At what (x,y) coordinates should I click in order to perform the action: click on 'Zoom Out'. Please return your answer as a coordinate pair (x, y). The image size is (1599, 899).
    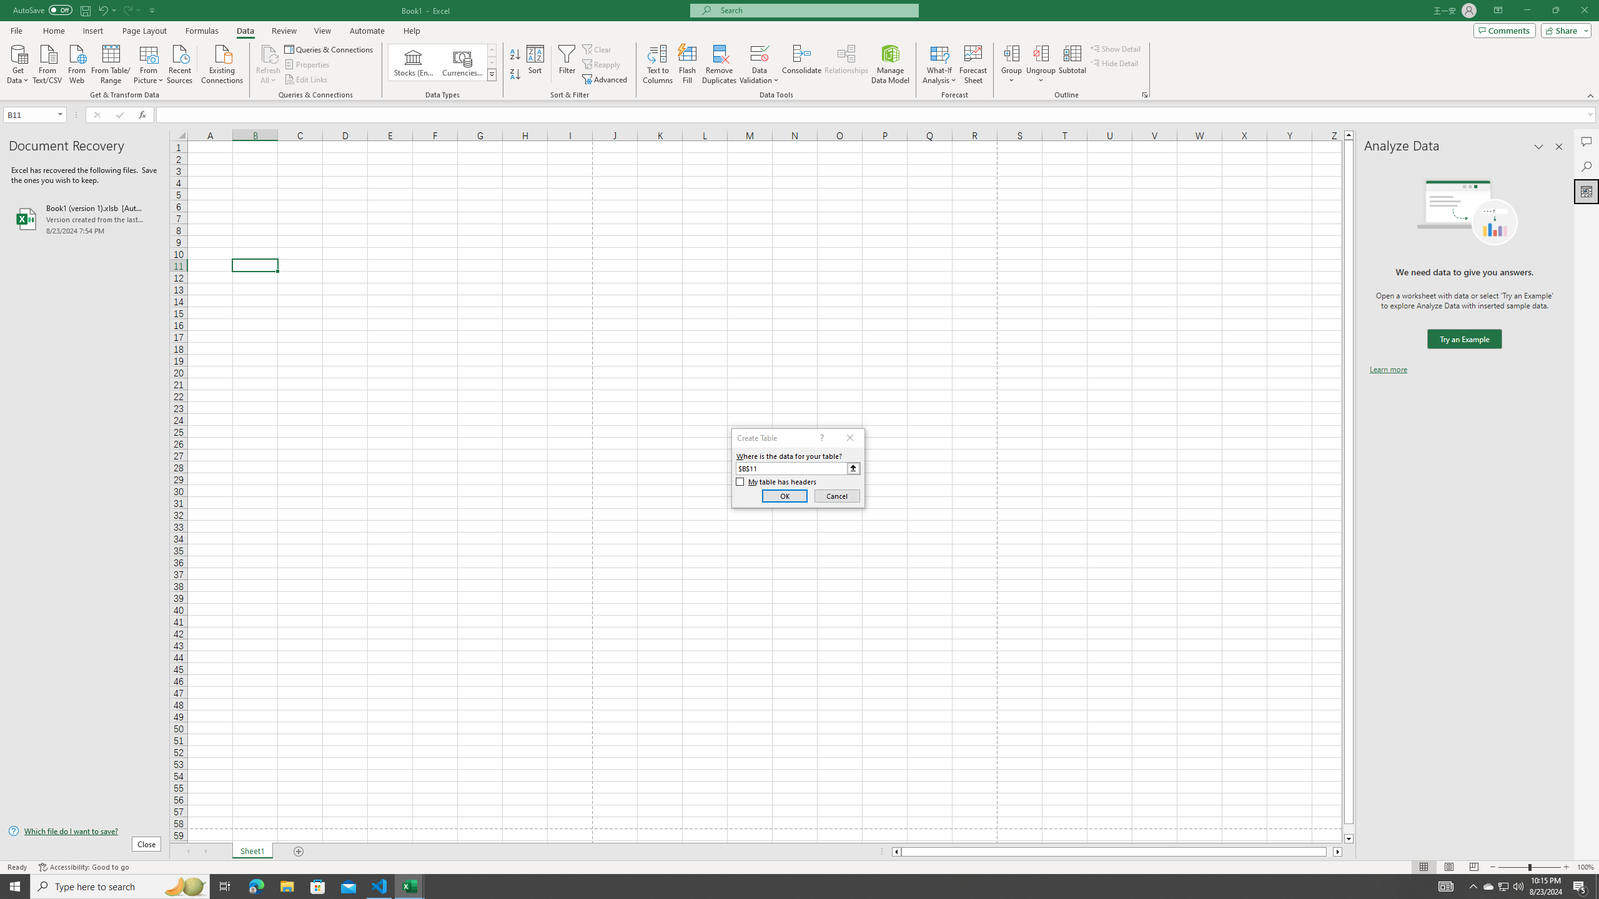
    Looking at the image, I should click on (1513, 867).